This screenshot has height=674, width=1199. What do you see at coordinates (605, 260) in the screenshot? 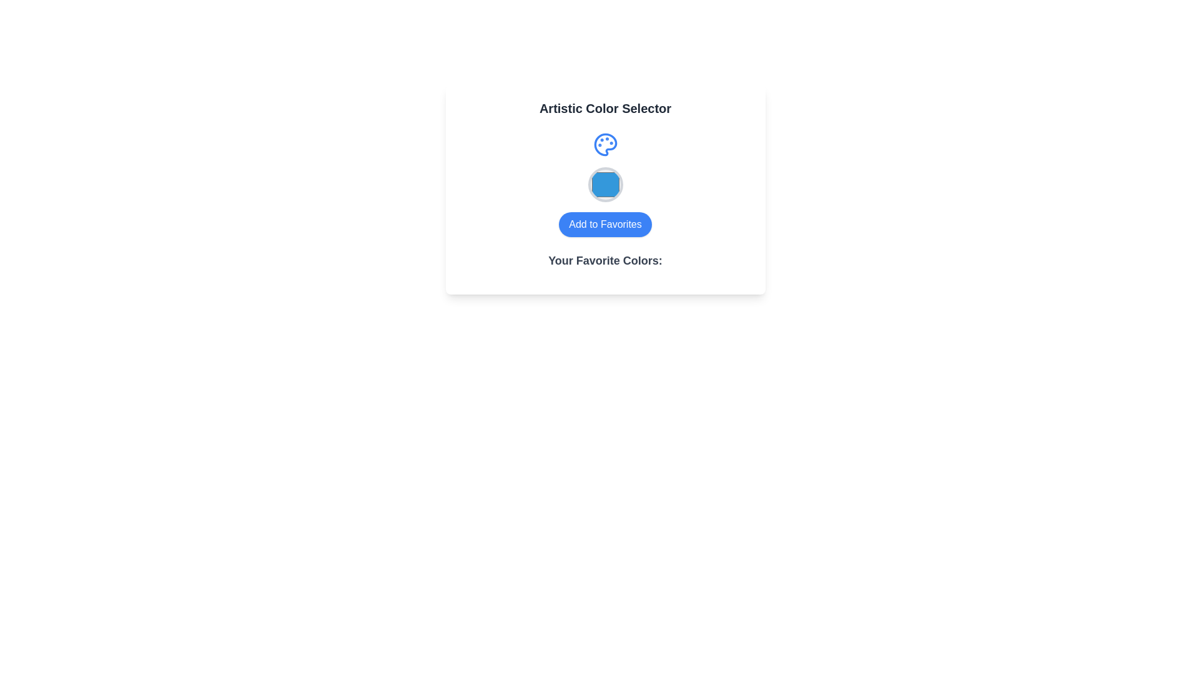
I see `the text label that serves as a heading for the section introducing the user's favorite colors, located at the bottom of the white card below the 'Artistic Color Selector' title and above the 'Add to Favorites' button` at bounding box center [605, 260].